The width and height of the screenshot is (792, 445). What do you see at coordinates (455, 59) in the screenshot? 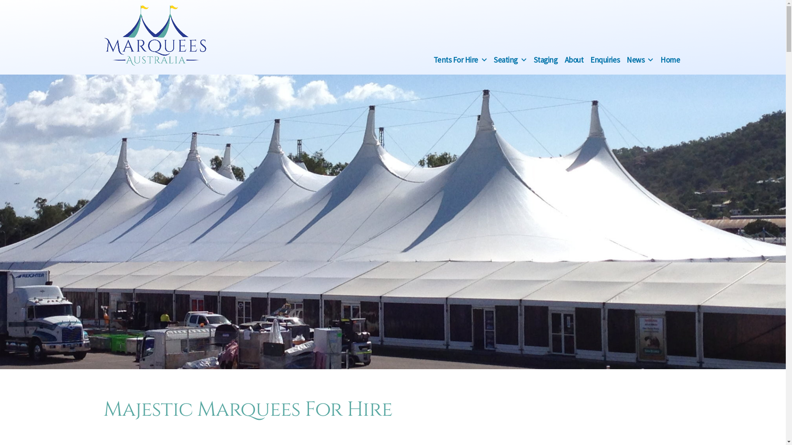
I see `'Tents For Hire'` at bounding box center [455, 59].